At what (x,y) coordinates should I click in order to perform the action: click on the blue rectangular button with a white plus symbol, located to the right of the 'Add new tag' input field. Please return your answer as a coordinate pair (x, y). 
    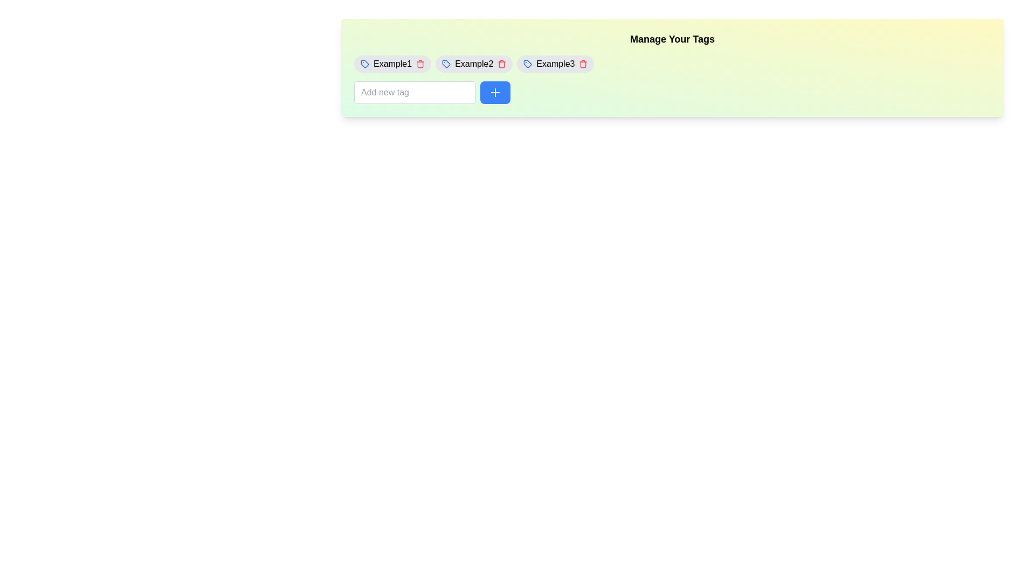
    Looking at the image, I should click on (494, 92).